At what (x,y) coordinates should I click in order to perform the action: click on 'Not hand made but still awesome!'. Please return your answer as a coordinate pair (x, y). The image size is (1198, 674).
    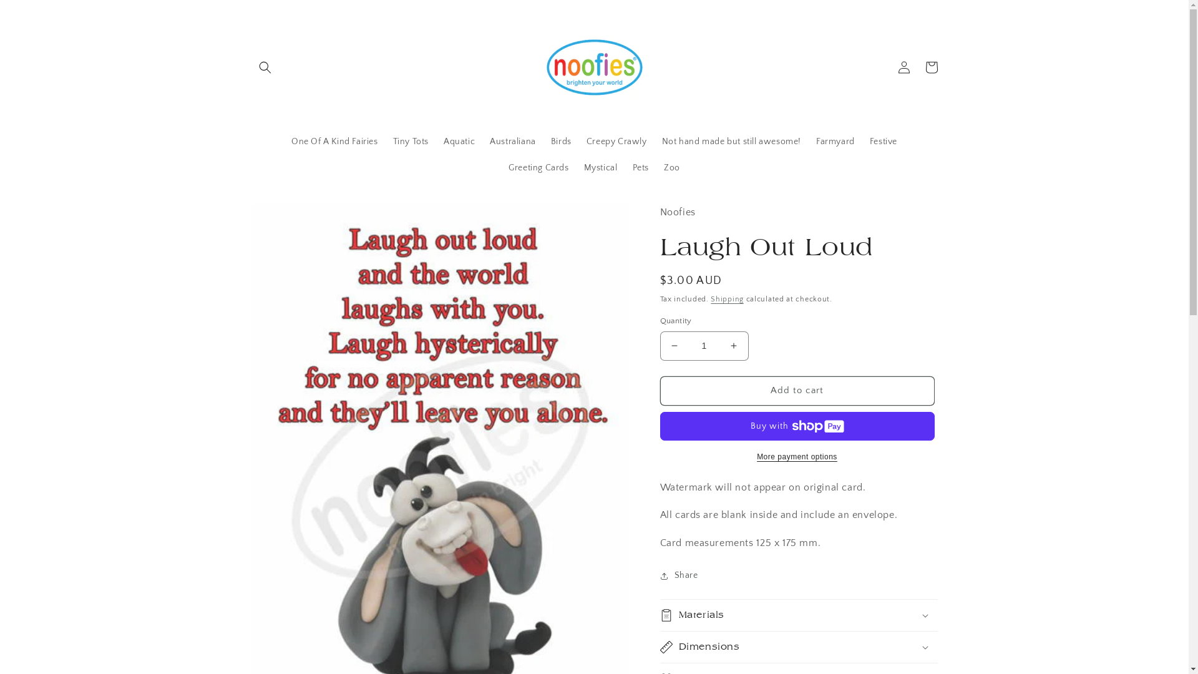
    Looking at the image, I should click on (731, 141).